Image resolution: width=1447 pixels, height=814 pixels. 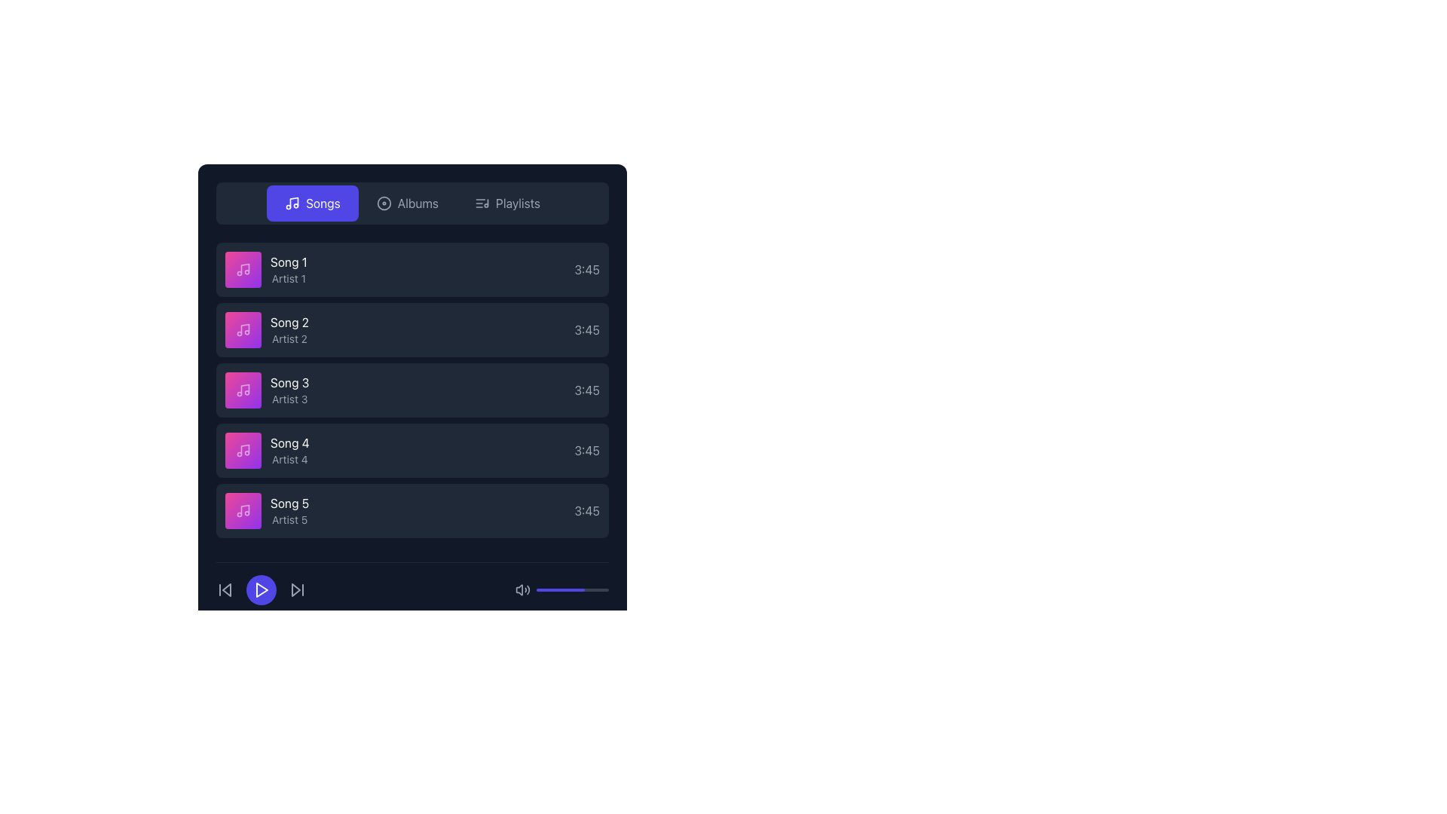 What do you see at coordinates (243, 389) in the screenshot?
I see `the icon for the song 'Song 3' by 'Artist 3'` at bounding box center [243, 389].